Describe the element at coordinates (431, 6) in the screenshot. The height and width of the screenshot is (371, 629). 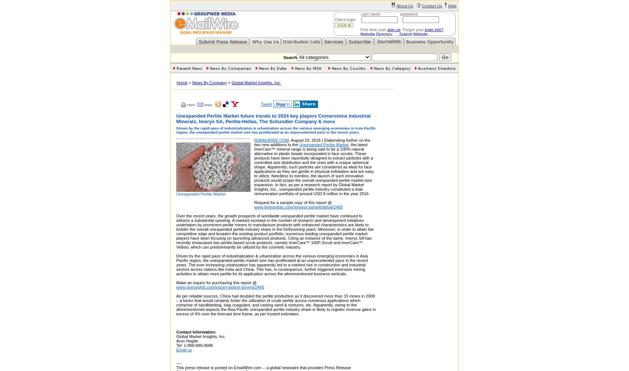
I see `'Contact Us'` at that location.